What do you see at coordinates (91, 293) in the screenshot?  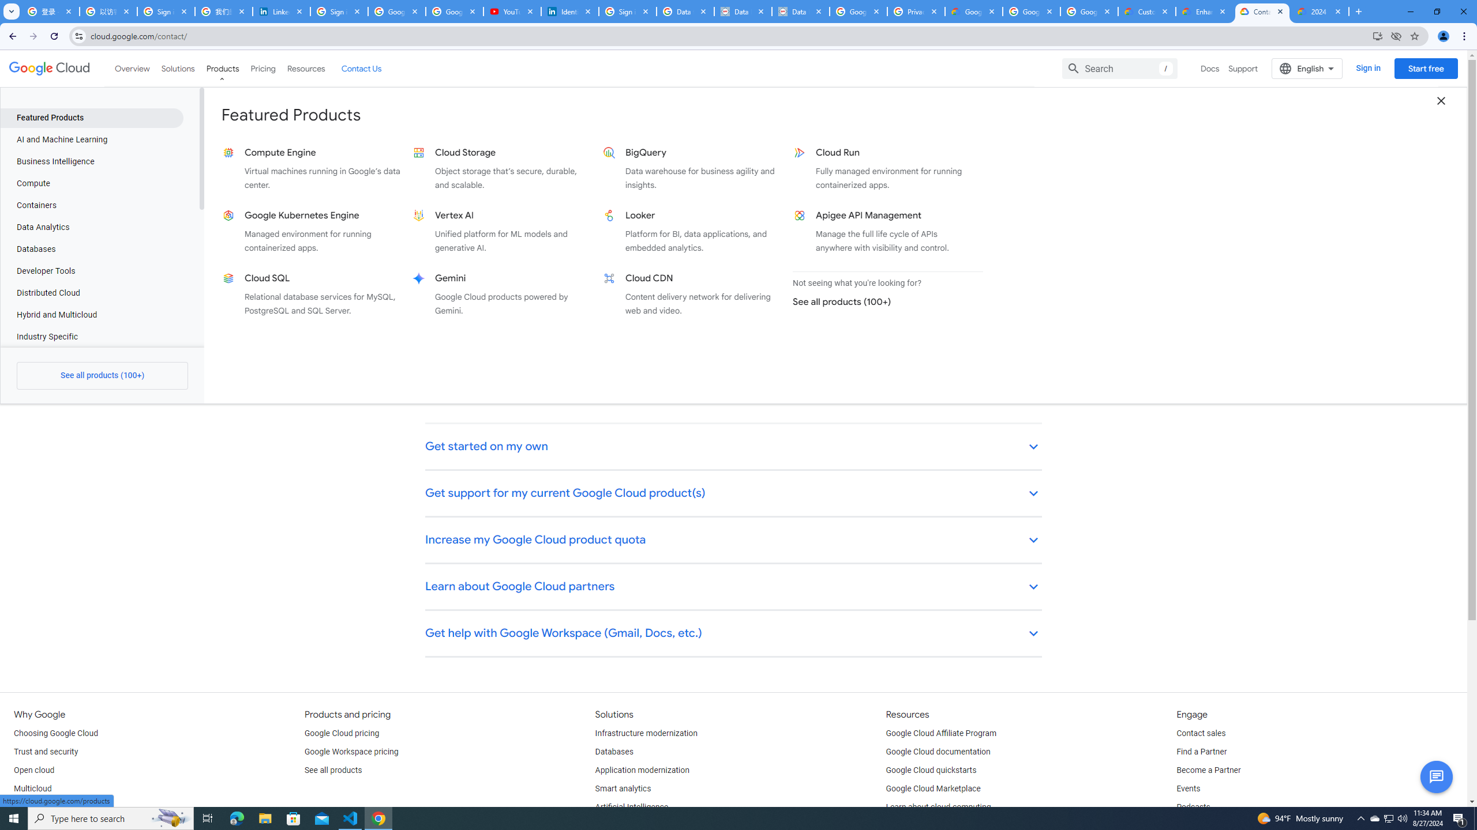 I see `'Distributed Cloud'` at bounding box center [91, 293].